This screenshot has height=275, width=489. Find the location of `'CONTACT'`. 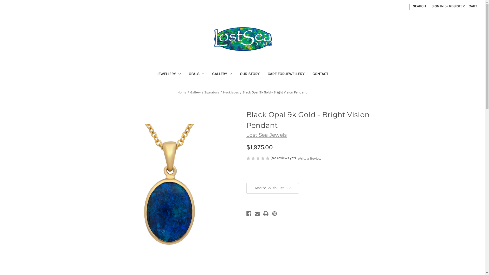

'CONTACT' is located at coordinates (320, 74).